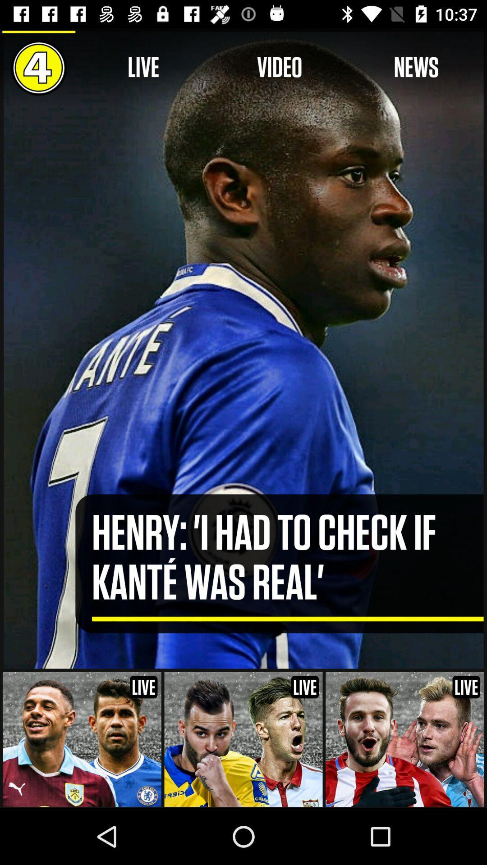 Image resolution: width=487 pixels, height=865 pixels. Describe the element at coordinates (416, 67) in the screenshot. I see `news icon` at that location.